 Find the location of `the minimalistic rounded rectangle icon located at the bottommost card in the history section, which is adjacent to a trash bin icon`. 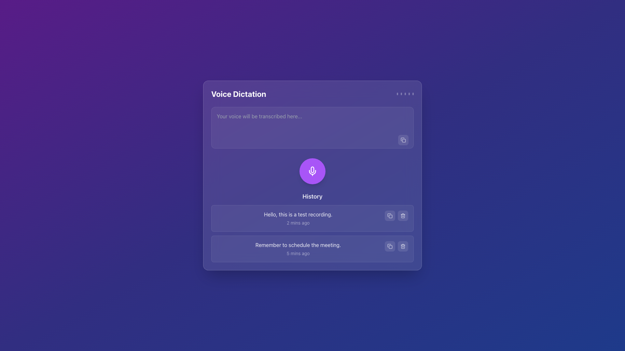

the minimalistic rounded rectangle icon located at the bottommost card in the history section, which is adjacent to a trash bin icon is located at coordinates (391, 247).